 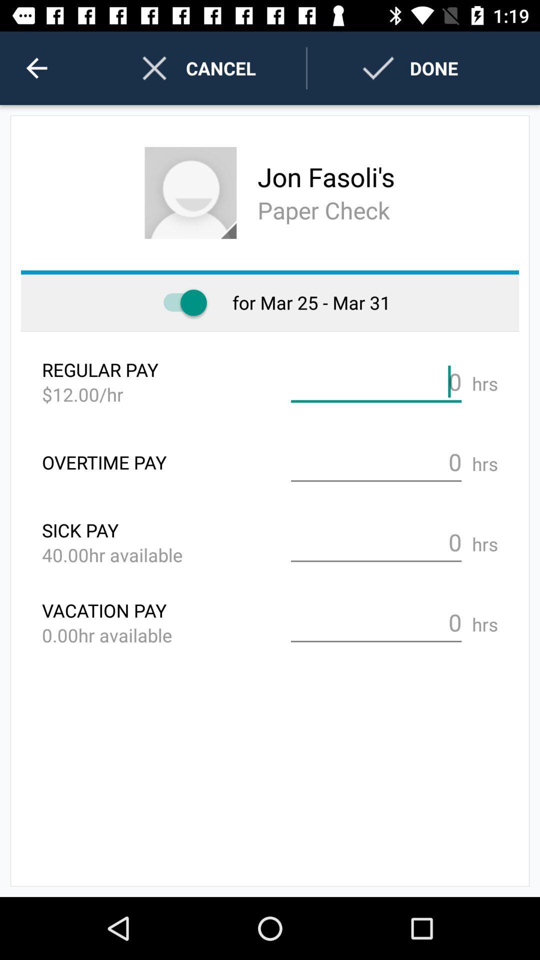 What do you see at coordinates (180, 302) in the screenshot?
I see `paycheck button` at bounding box center [180, 302].